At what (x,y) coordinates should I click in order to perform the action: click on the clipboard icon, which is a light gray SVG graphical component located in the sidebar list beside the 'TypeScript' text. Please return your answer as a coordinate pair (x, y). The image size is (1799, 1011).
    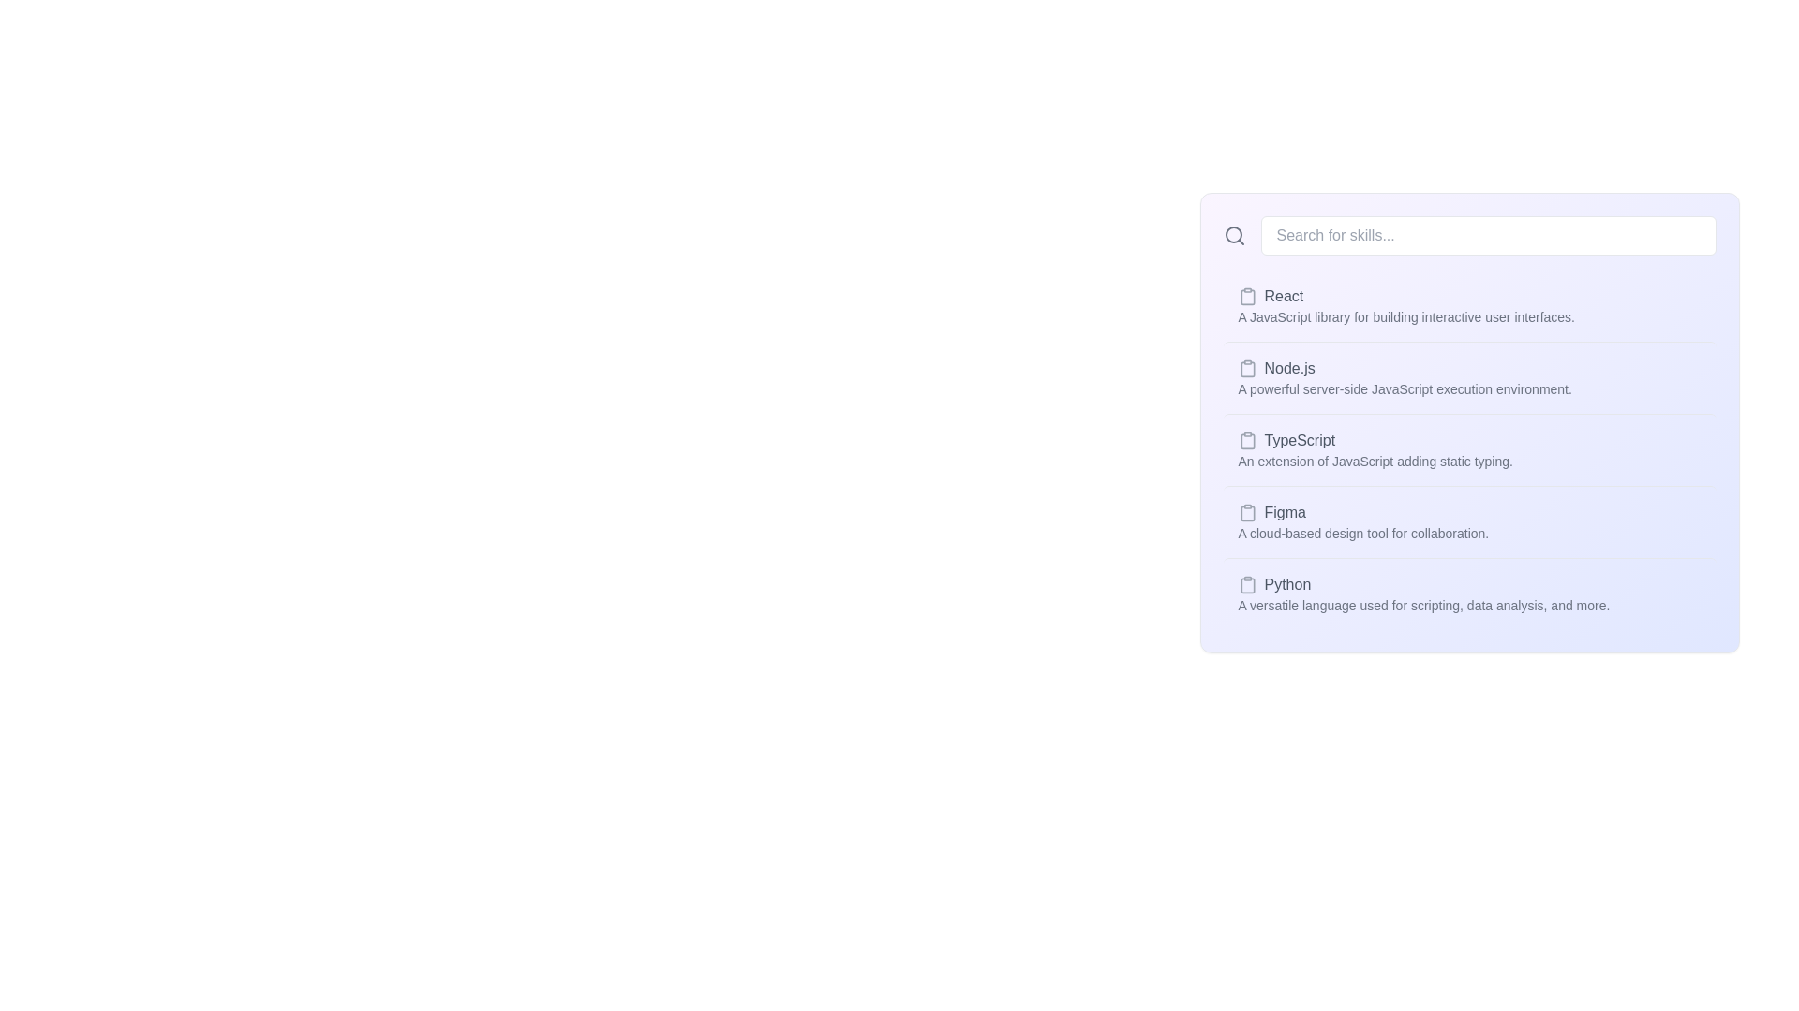
    Looking at the image, I should click on (1247, 441).